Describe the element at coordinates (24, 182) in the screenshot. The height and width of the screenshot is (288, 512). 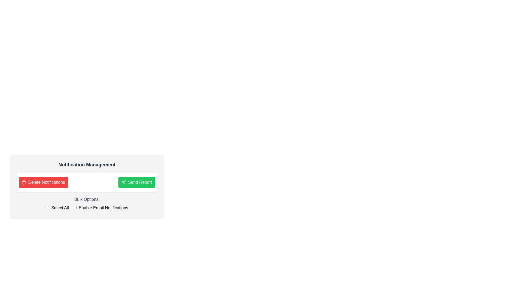
I see `the trash icon located to the left of the 'Delete Notifications' button in the 'Notification Management' section` at that location.